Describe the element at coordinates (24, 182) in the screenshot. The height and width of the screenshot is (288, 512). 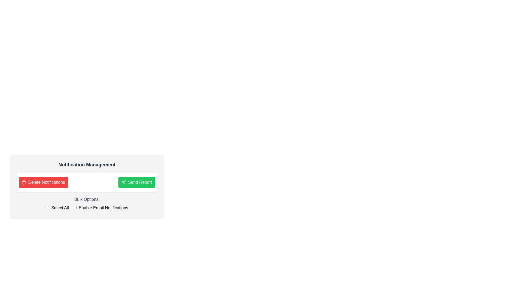
I see `the trash icon located to the left of the 'Delete Notifications' button in the 'Notification Management' section` at that location.